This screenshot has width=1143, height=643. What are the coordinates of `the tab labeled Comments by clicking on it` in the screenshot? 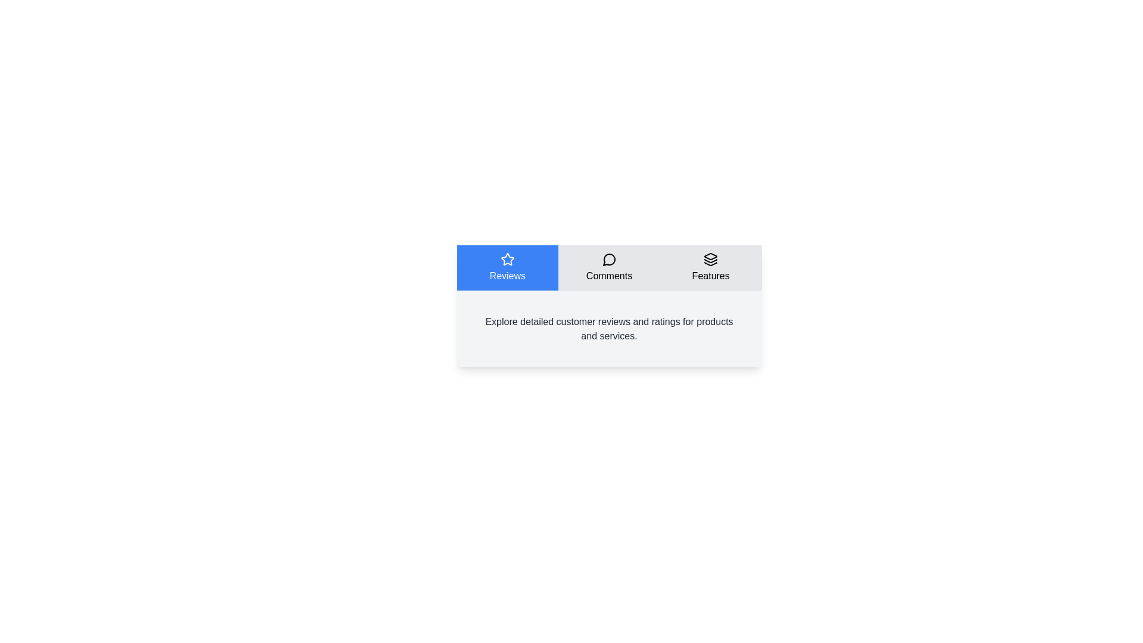 It's located at (609, 268).